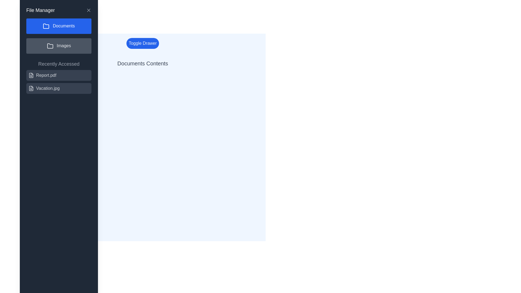 This screenshot has width=521, height=293. What do you see at coordinates (46, 26) in the screenshot?
I see `the simplified folder icon labeled 'Documents'` at bounding box center [46, 26].